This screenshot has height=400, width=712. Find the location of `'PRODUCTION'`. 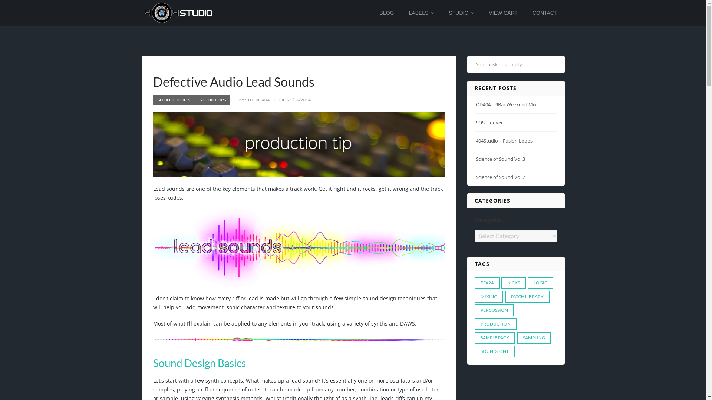

'PRODUCTION' is located at coordinates (495, 324).